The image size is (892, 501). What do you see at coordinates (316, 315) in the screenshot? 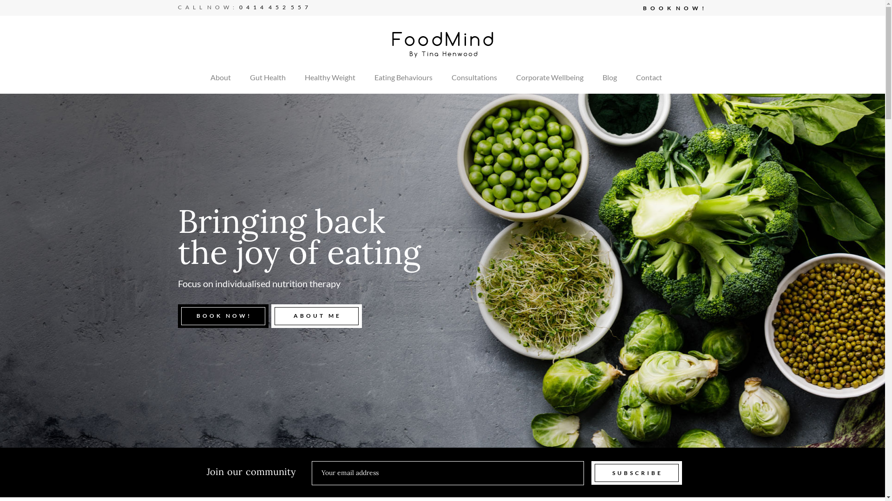
I see `'ABOUT ME'` at bounding box center [316, 315].